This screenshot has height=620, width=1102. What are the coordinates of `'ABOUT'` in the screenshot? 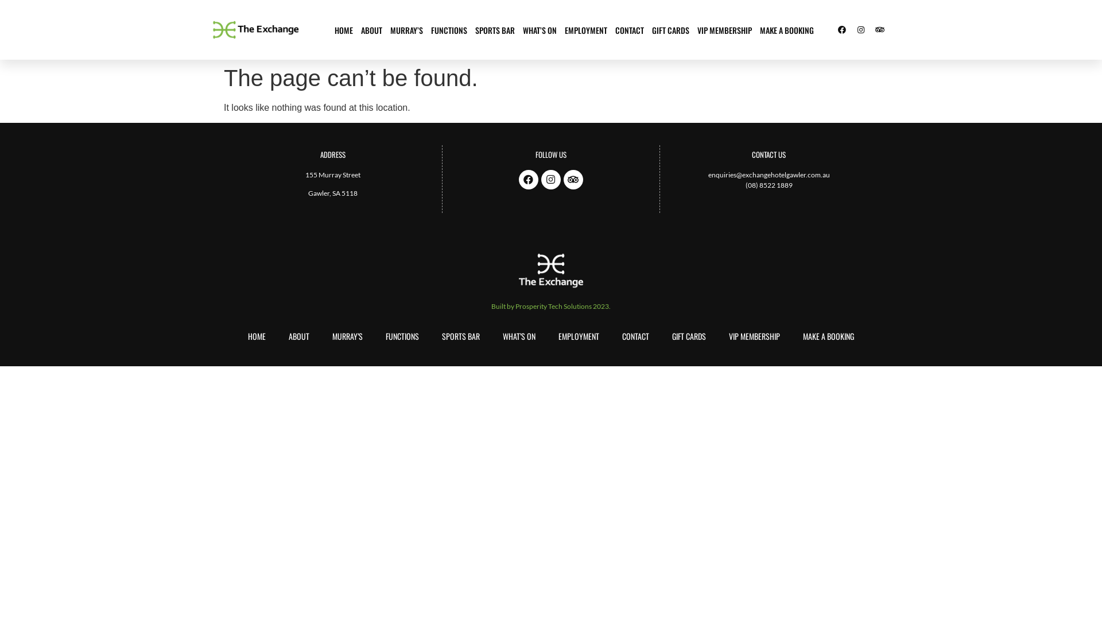 It's located at (371, 29).